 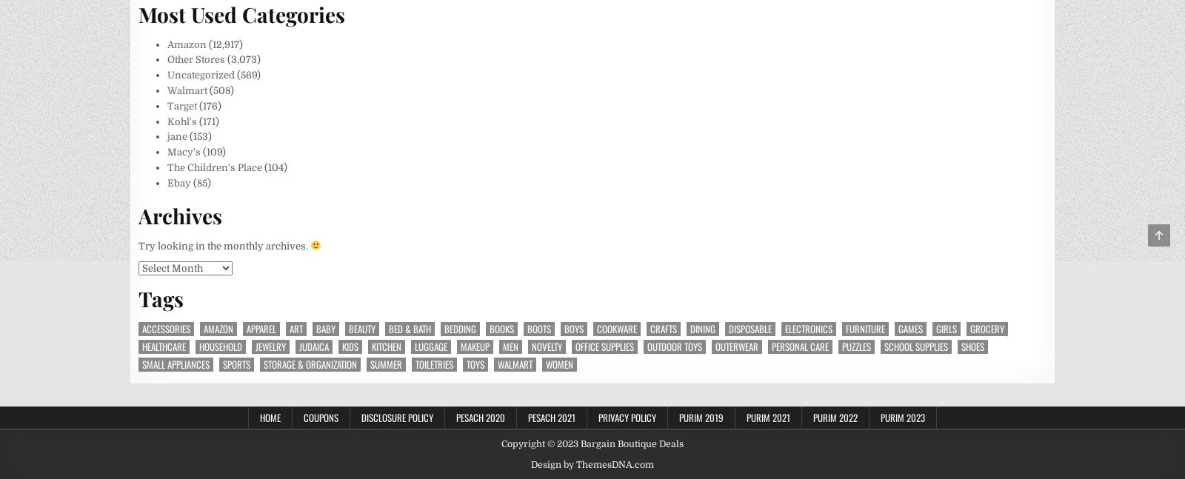 I want to click on 'Summer', so click(x=385, y=363).